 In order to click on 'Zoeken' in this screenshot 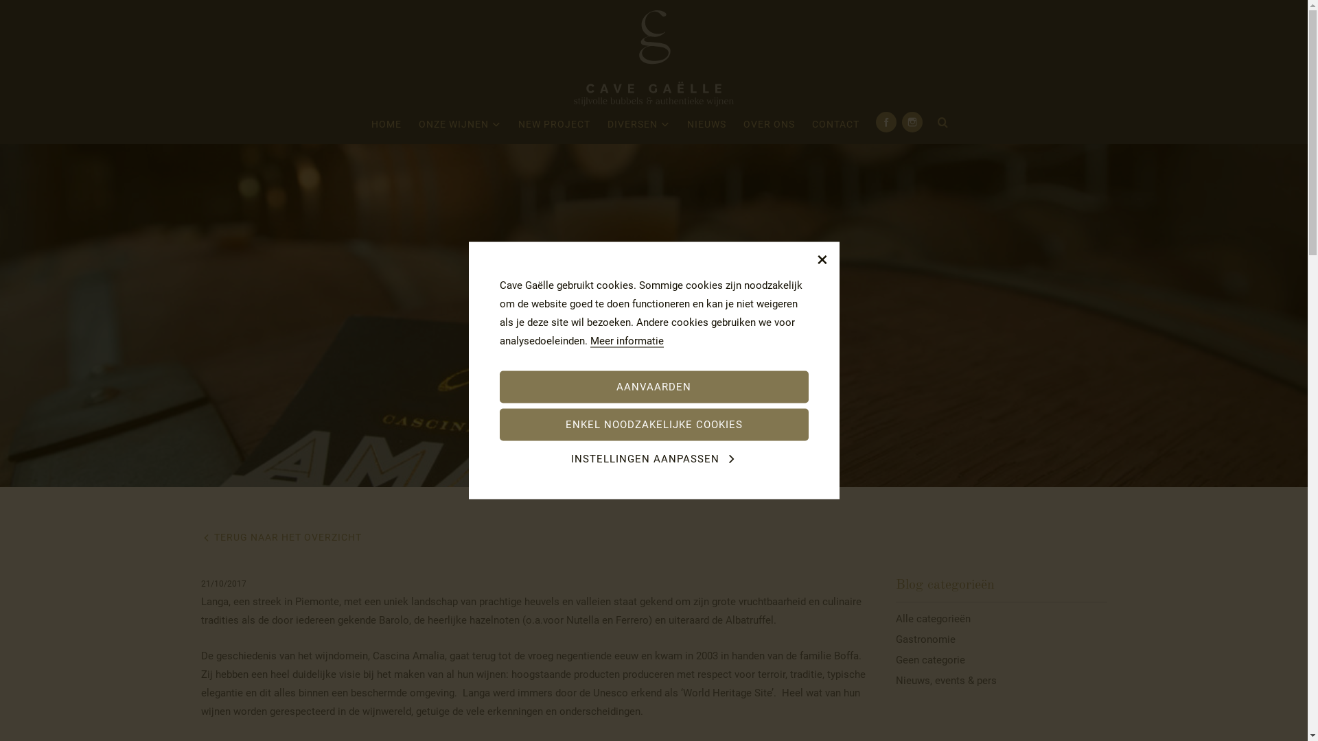, I will do `click(942, 123)`.